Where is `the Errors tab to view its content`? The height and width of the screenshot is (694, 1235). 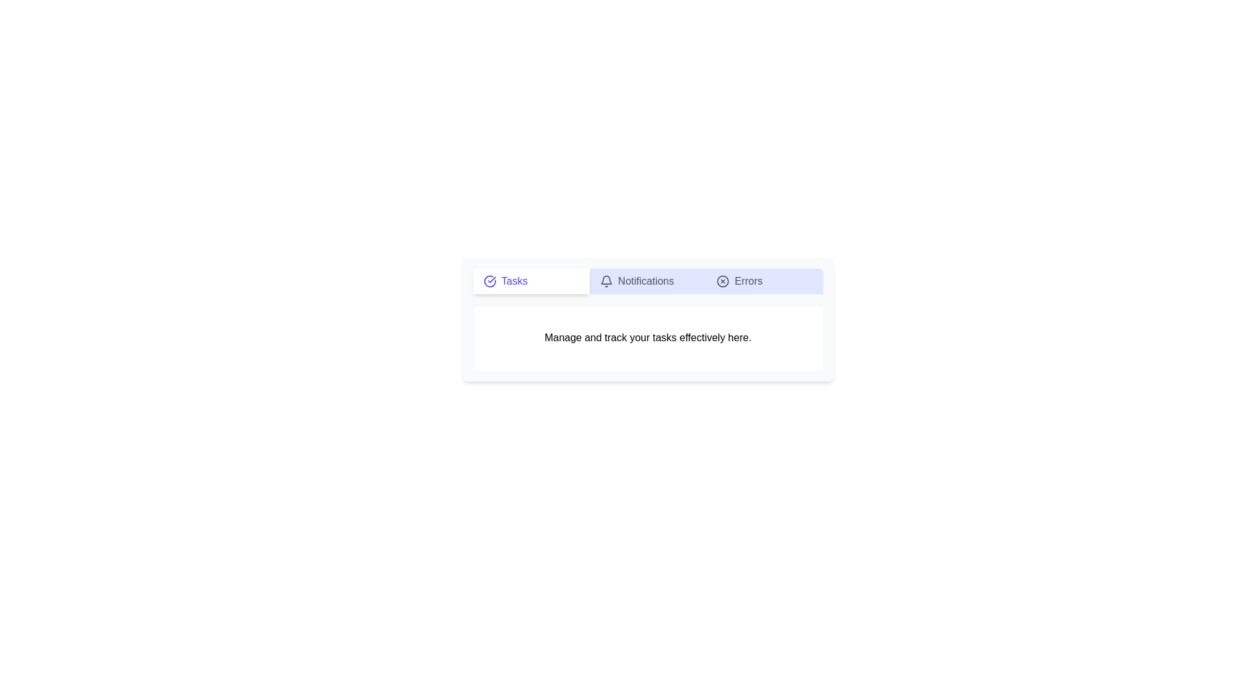 the Errors tab to view its content is located at coordinates (764, 281).